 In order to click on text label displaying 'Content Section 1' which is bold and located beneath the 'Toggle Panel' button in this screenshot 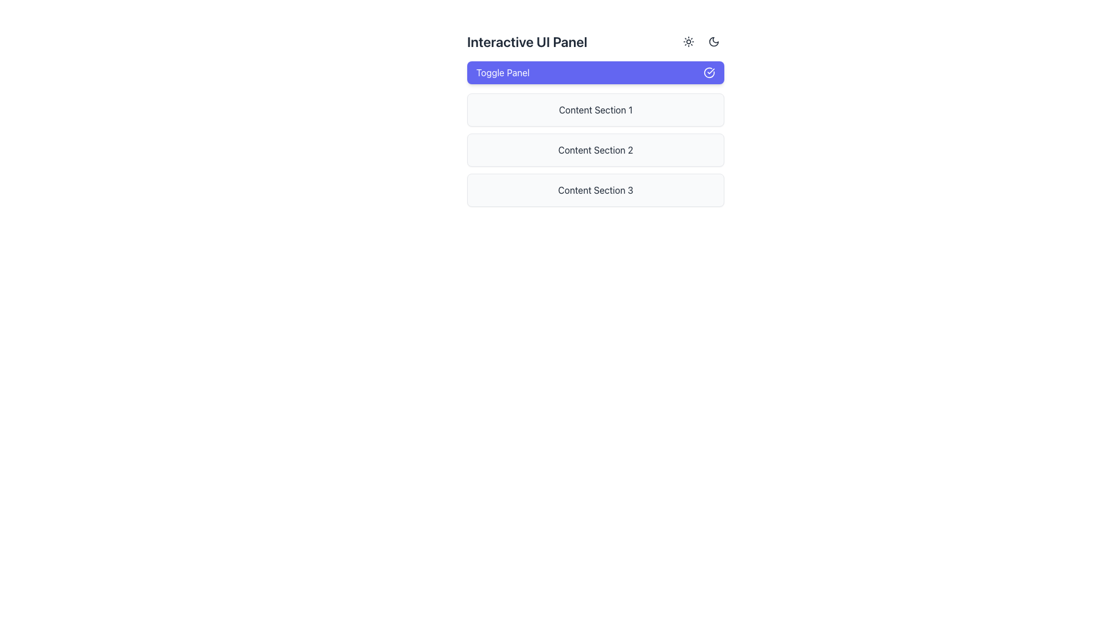, I will do `click(595, 110)`.